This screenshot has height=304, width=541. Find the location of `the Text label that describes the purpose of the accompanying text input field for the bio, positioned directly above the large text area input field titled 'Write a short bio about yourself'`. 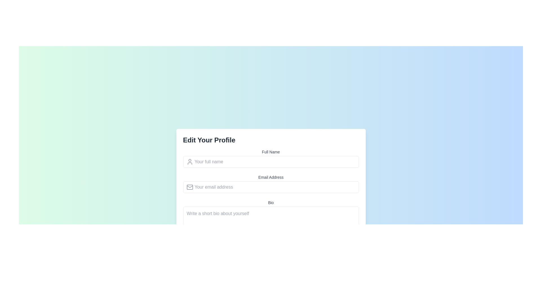

the Text label that describes the purpose of the accompanying text input field for the bio, positioned directly above the large text area input field titled 'Write a short bio about yourself' is located at coordinates (271, 202).